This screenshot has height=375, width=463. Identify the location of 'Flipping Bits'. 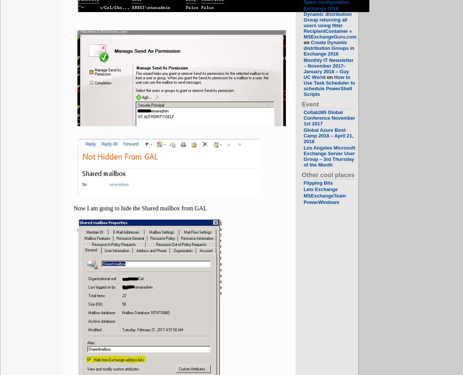
(318, 182).